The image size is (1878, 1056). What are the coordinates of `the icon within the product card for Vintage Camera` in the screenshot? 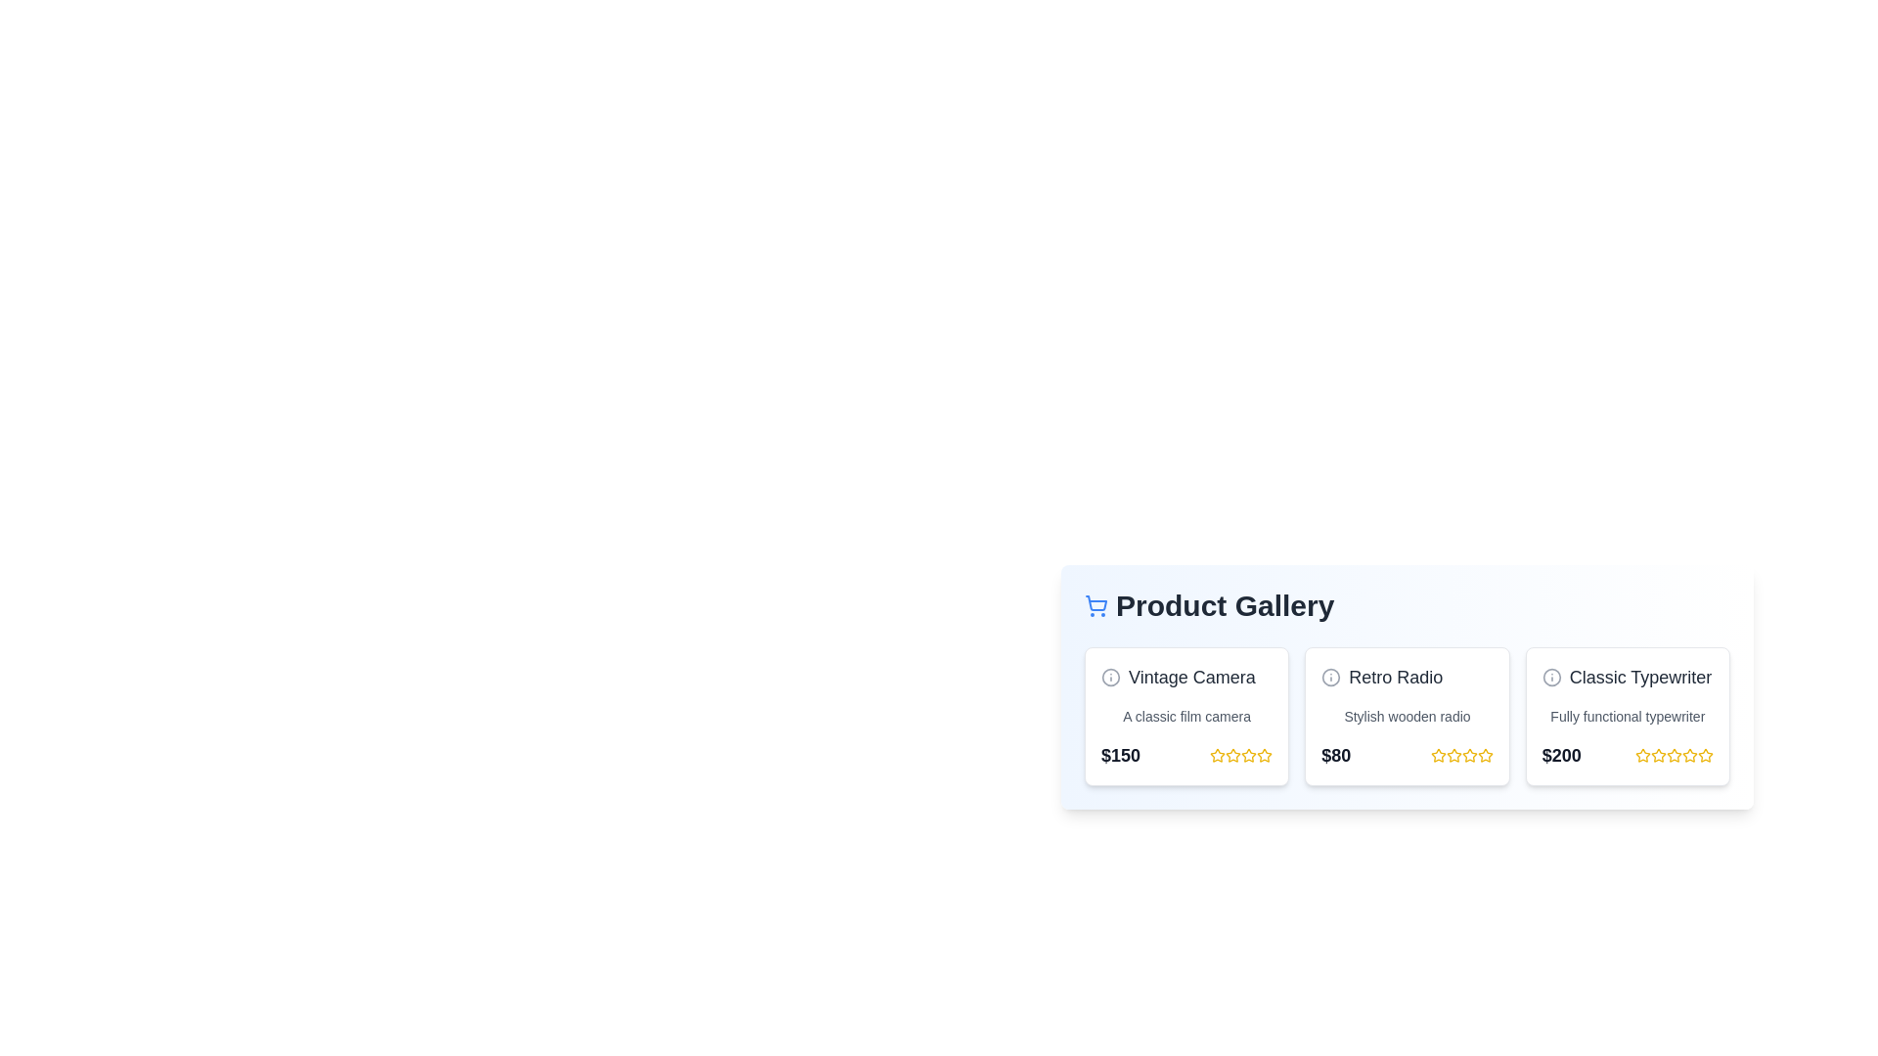 It's located at (1111, 677).